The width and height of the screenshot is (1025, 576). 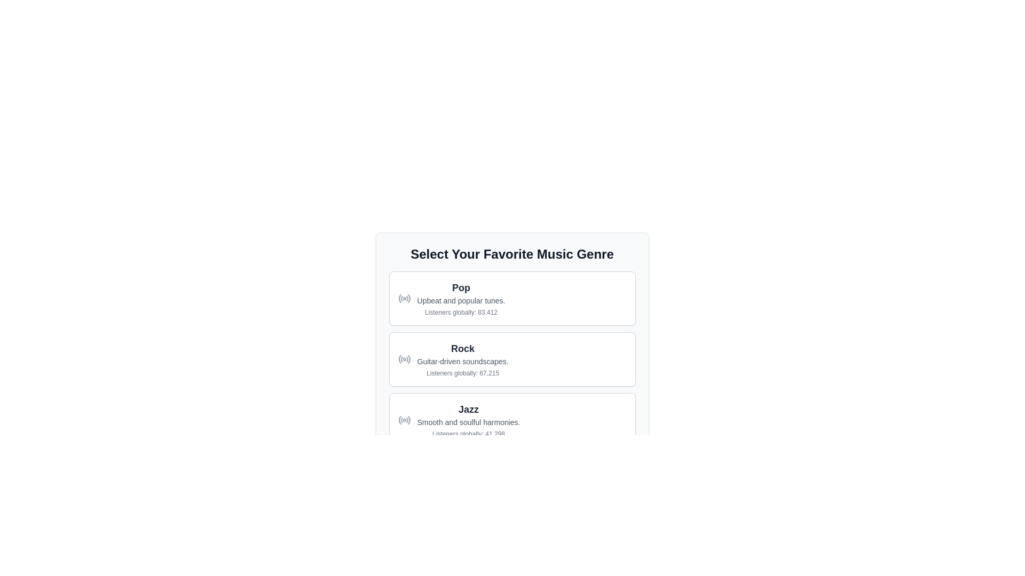 I want to click on the text label that displays 'Upbeat and popular tunes.', which is positioned below the 'Pop' title and above the 'Listeners globally: 83,412' label, so click(x=461, y=300).